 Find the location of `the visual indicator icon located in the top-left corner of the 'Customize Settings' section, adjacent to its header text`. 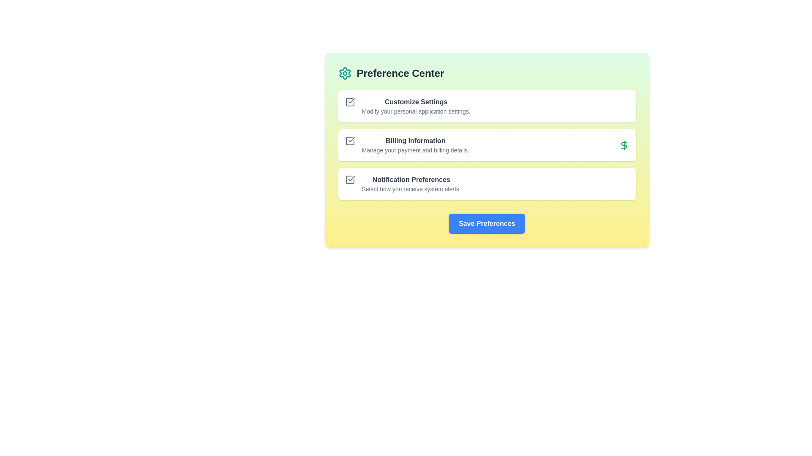

the visual indicator icon located in the top-left corner of the 'Customize Settings' section, adjacent to its header text is located at coordinates (350, 102).